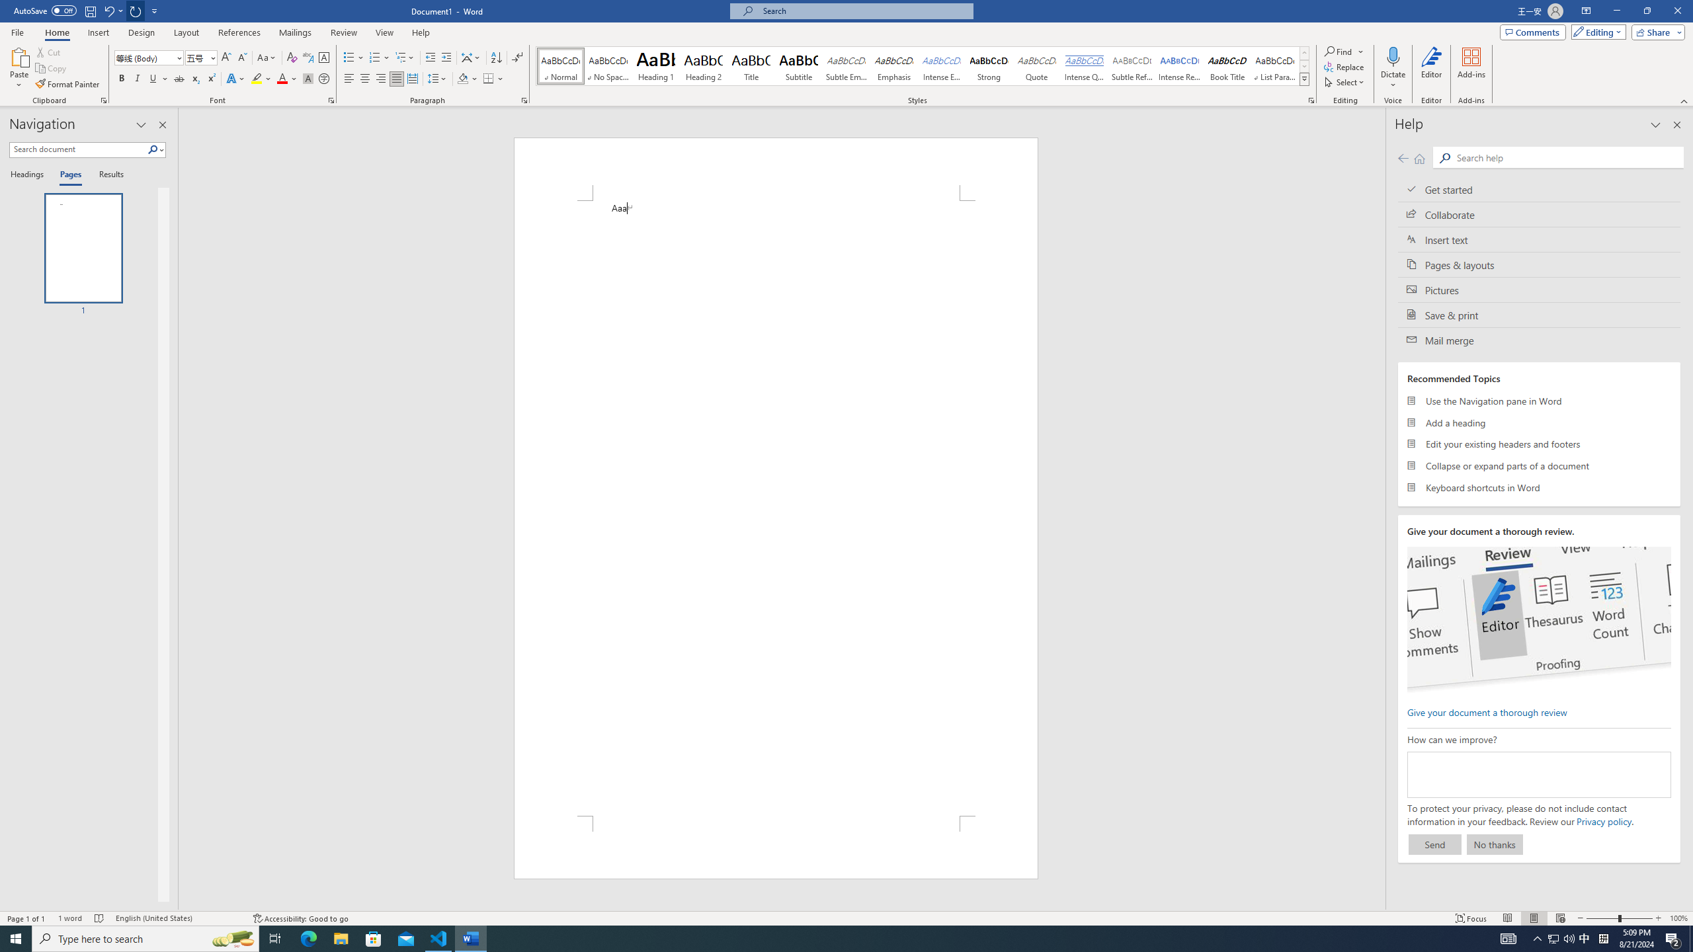 The width and height of the screenshot is (1693, 952). Describe the element at coordinates (99, 918) in the screenshot. I see `'Spelling and Grammar Check No Errors'` at that location.